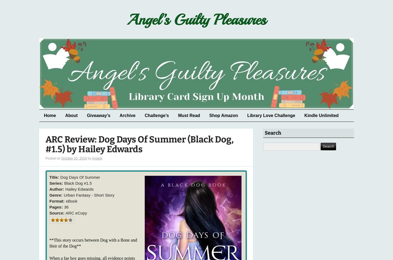 This screenshot has height=260, width=393. What do you see at coordinates (78, 183) in the screenshot?
I see `'Black Dog #1.5'` at bounding box center [78, 183].